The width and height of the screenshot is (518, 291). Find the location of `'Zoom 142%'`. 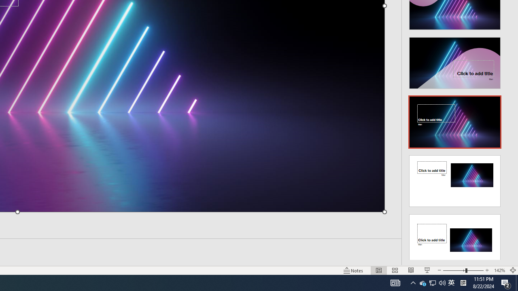

'Zoom 142%' is located at coordinates (499, 270).